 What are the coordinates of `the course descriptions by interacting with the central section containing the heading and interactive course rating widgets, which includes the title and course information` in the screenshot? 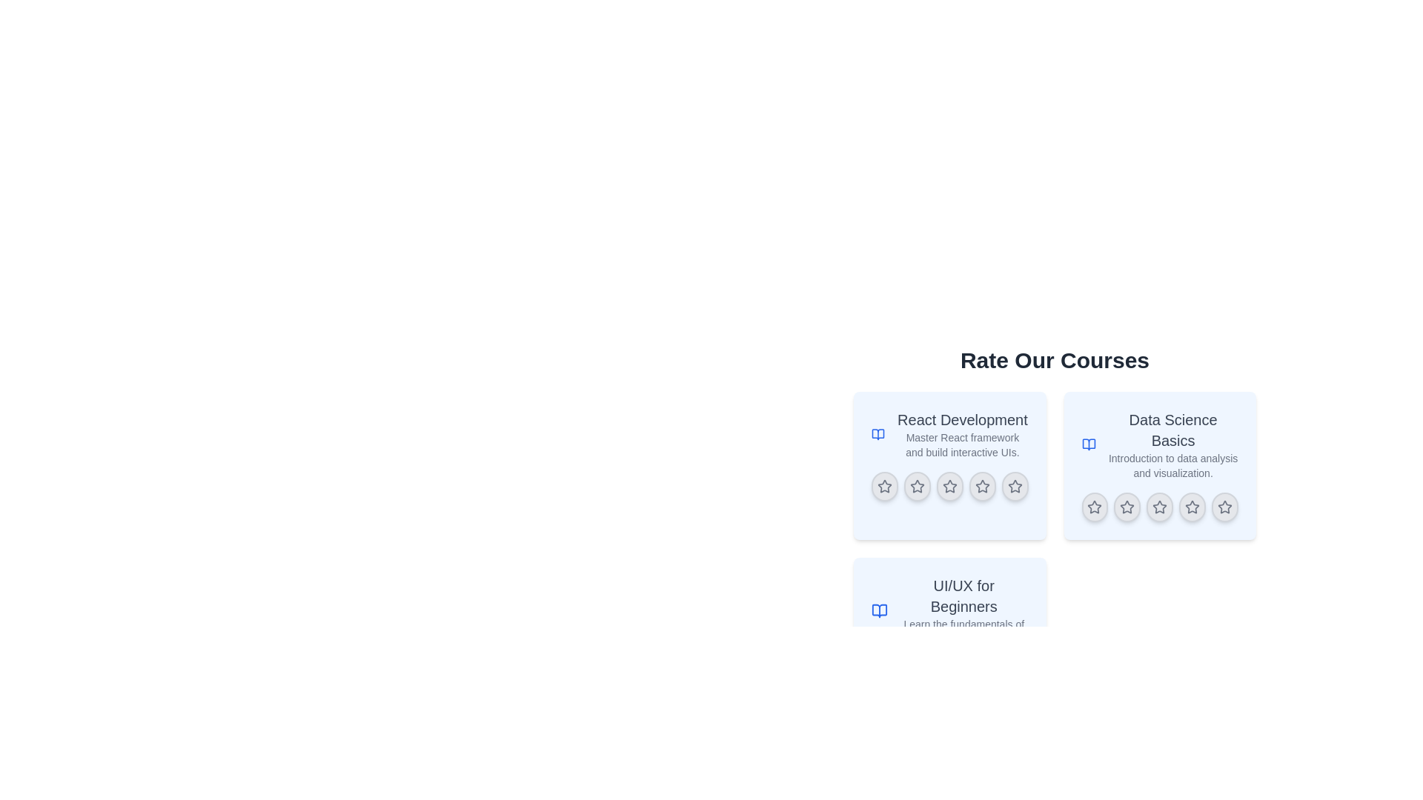 It's located at (1054, 525).